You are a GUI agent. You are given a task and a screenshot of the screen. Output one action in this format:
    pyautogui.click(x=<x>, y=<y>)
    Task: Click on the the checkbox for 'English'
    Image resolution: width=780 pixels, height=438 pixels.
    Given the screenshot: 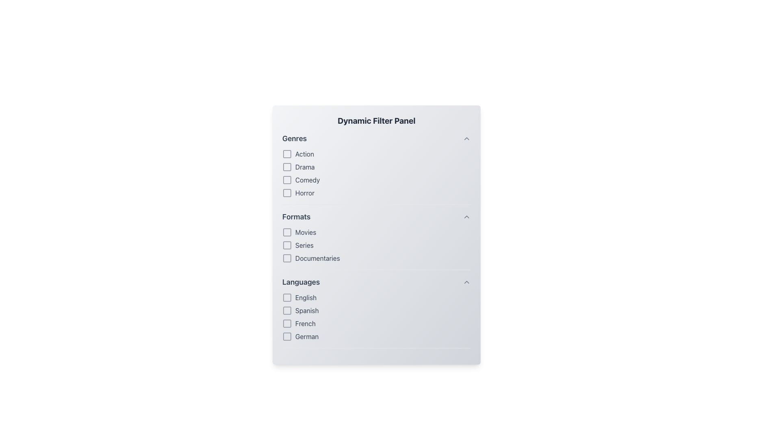 What is the action you would take?
    pyautogui.click(x=376, y=297)
    